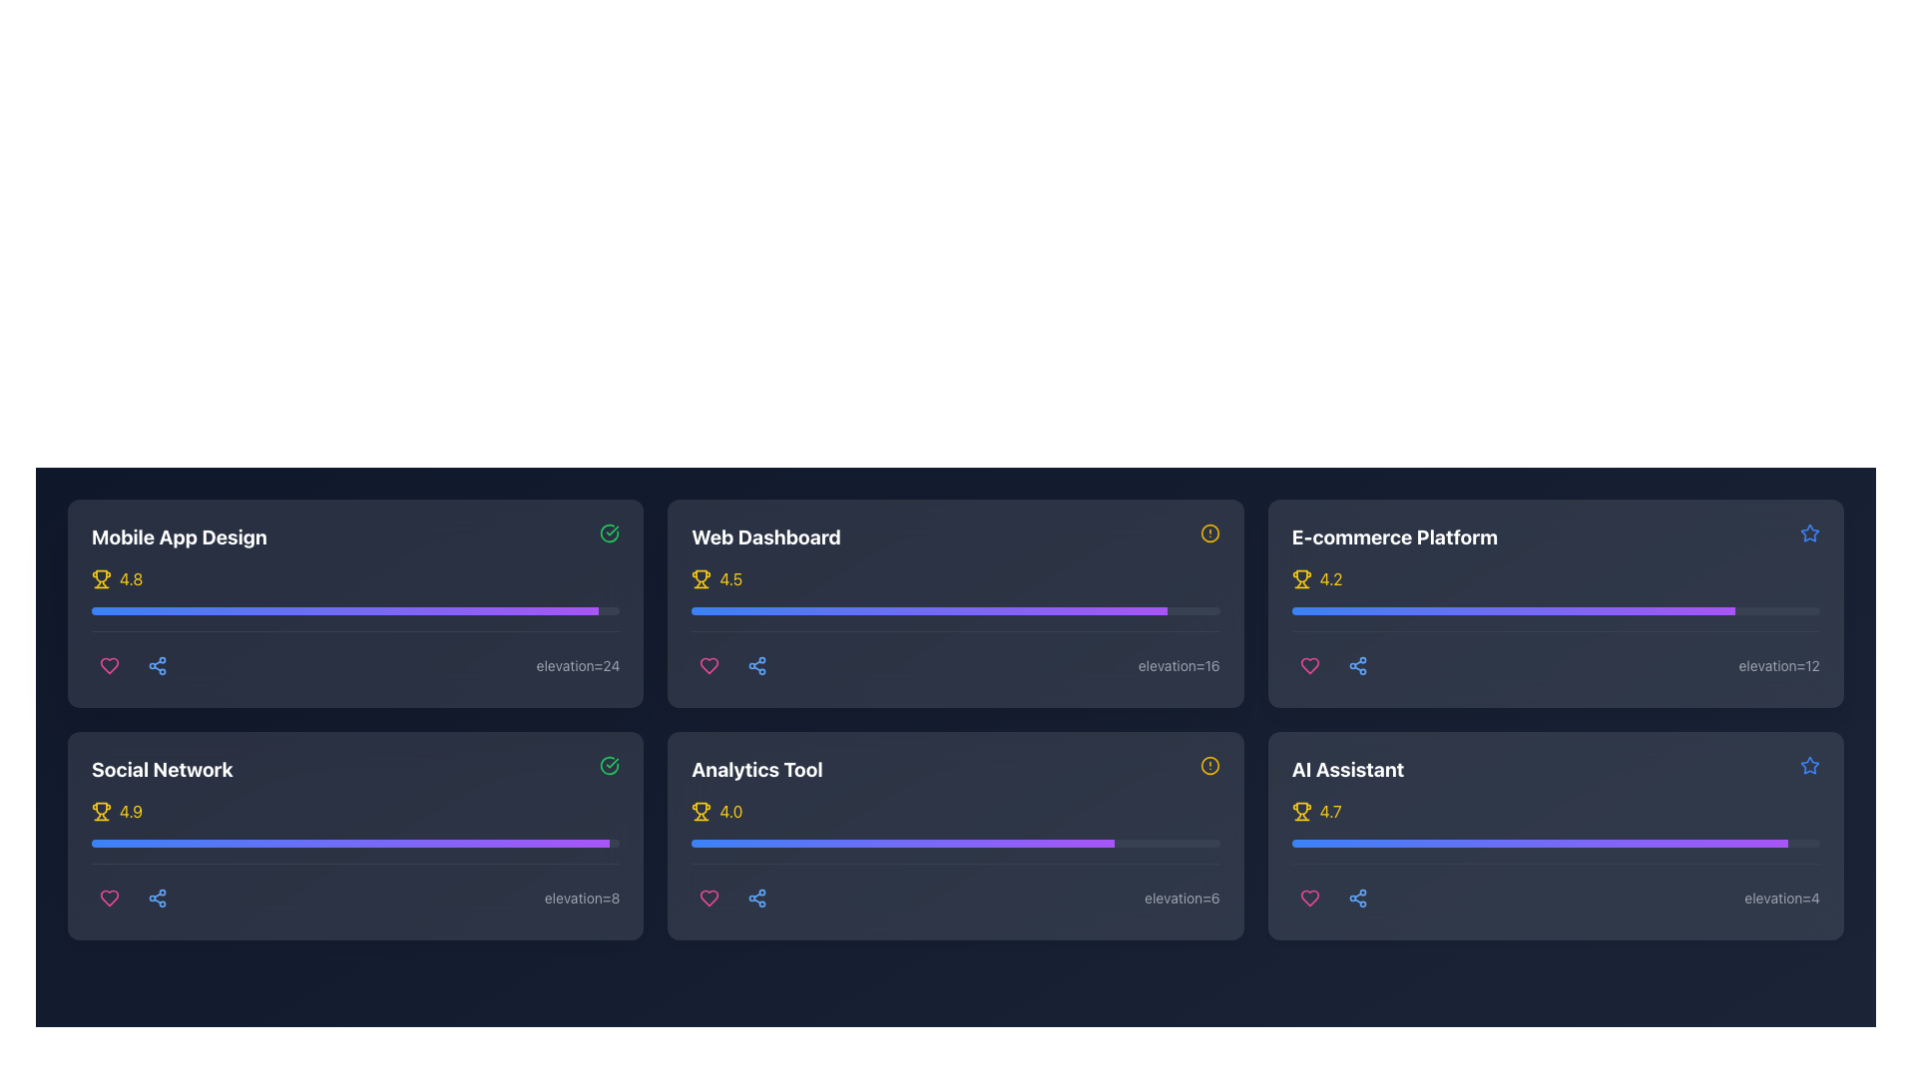 This screenshot has height=1077, width=1916. Describe the element at coordinates (100, 576) in the screenshot. I see `the yellow trophy icon which symbolizes achievements, located at the top-left of the 'Mobile App Design' card, positioned near the rating value of 4.8` at that location.